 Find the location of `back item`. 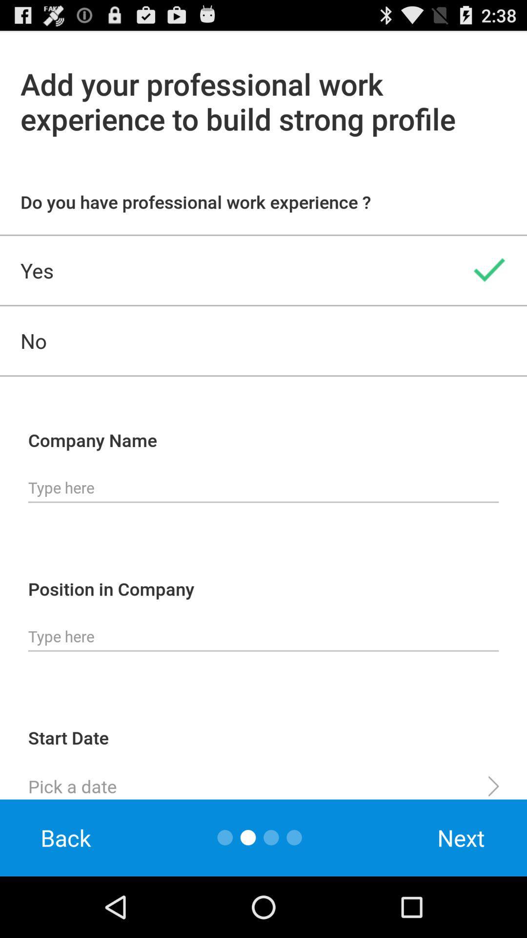

back item is located at coordinates (66, 837).